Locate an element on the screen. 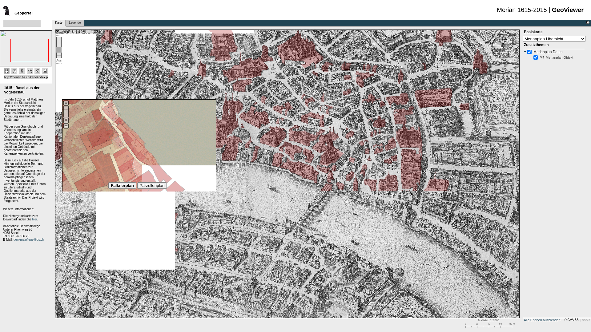 The image size is (591, 332). 'Falknerplan' is located at coordinates (122, 185).